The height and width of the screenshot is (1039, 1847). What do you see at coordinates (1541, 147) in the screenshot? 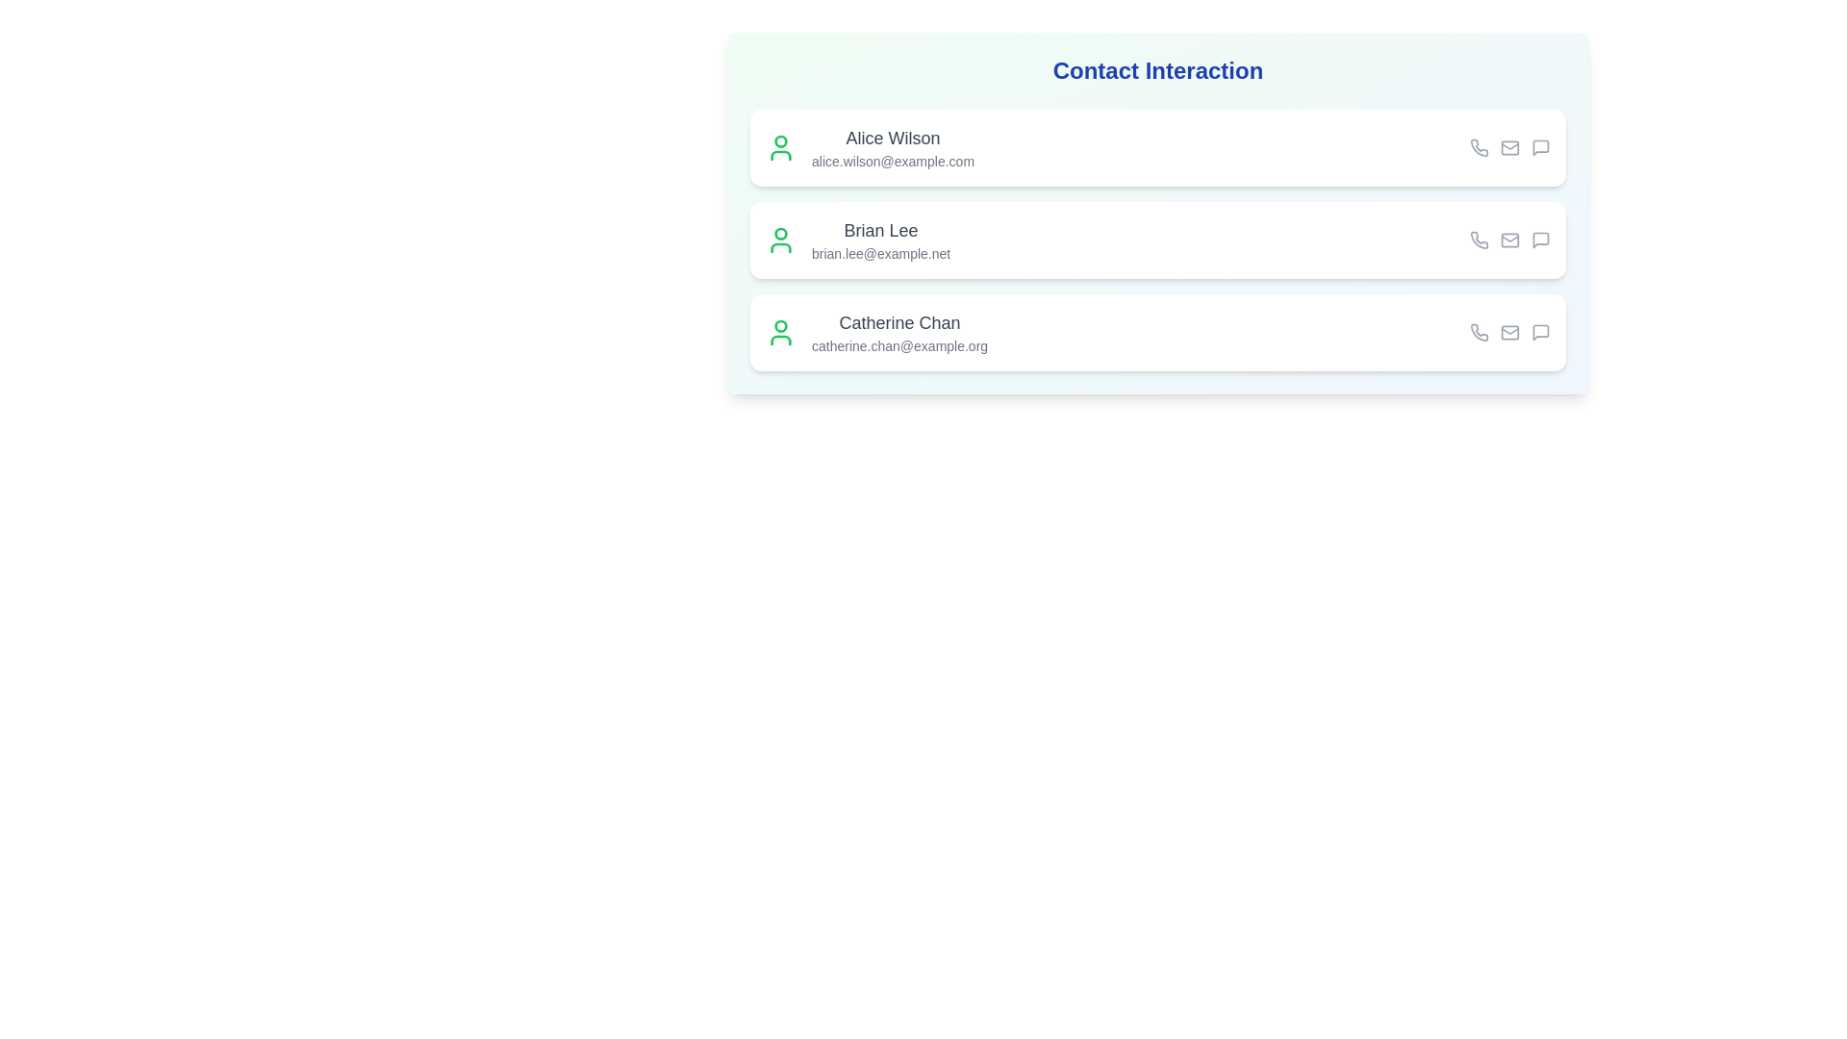
I see `the message icon for the contact Alice Wilson` at bounding box center [1541, 147].